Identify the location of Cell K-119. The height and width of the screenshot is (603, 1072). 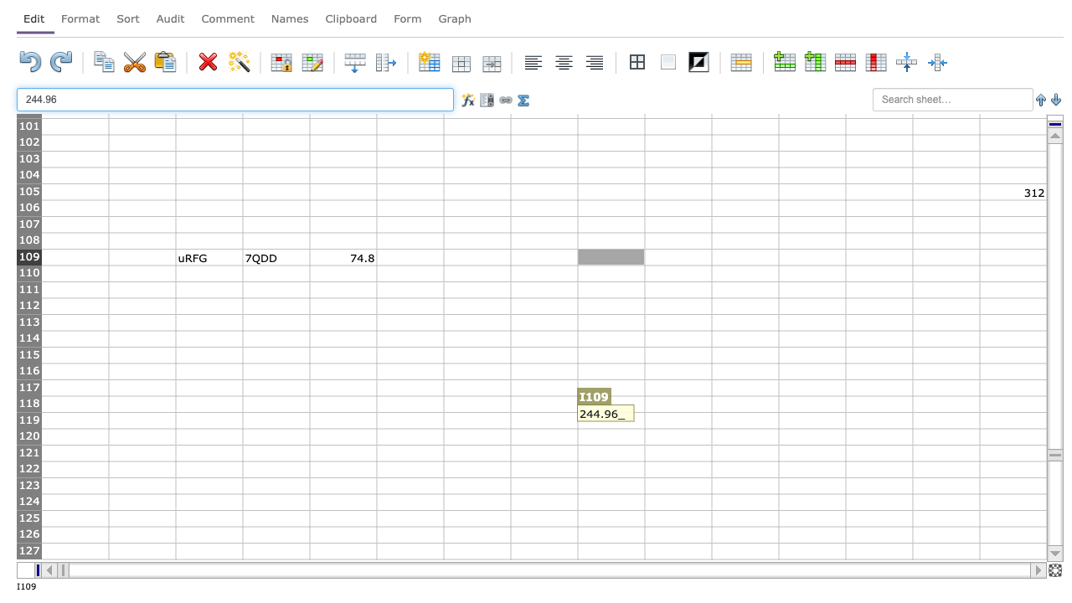
(744, 420).